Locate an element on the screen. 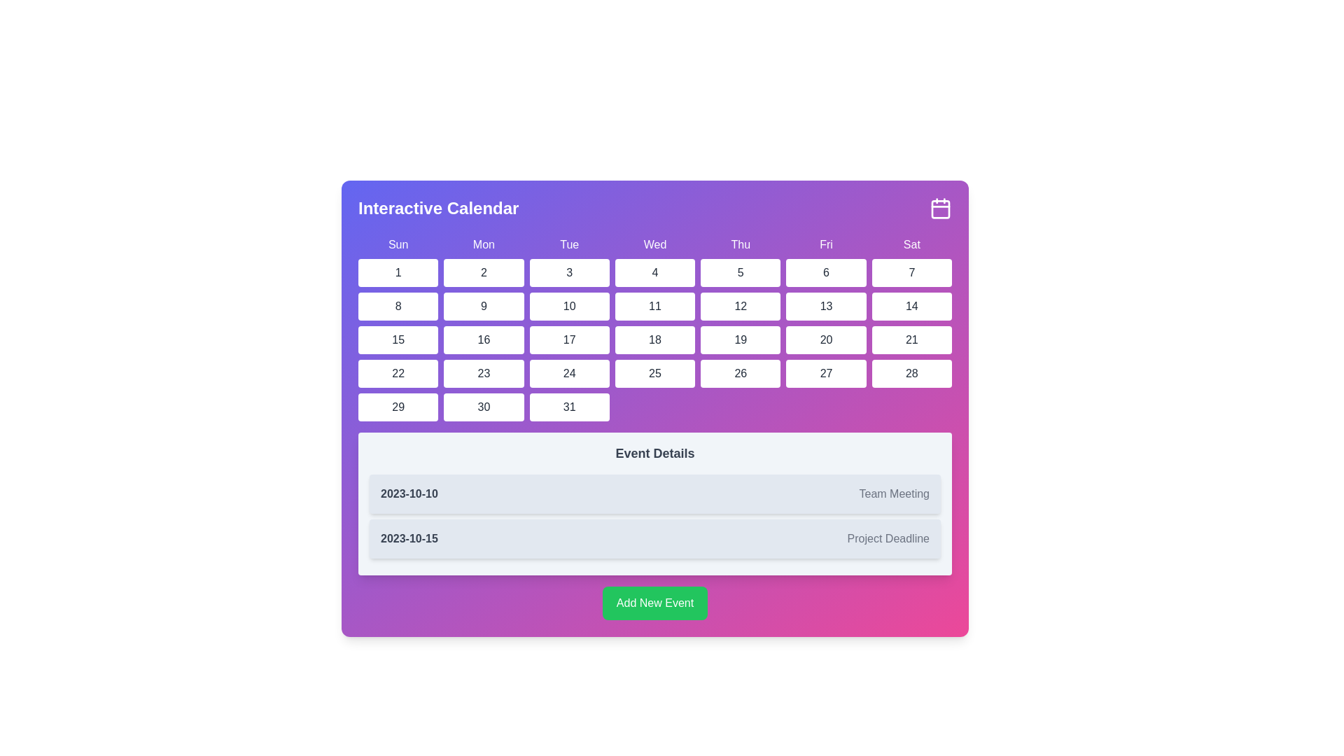  the calendar date button representing the 3rd day of the month, located under 'Tue' in the calendar grid is located at coordinates (569, 272).